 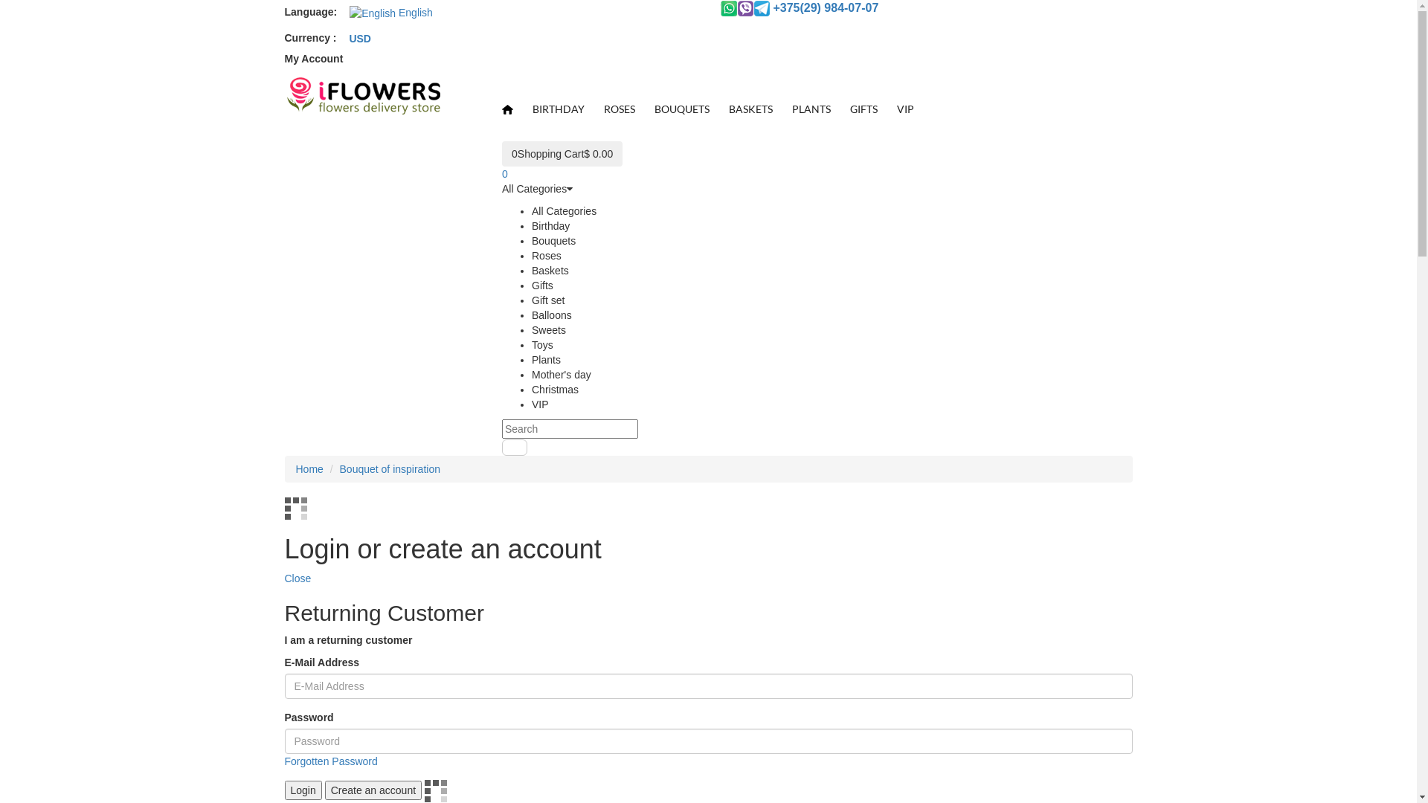 What do you see at coordinates (372, 13) in the screenshot?
I see `'English'` at bounding box center [372, 13].